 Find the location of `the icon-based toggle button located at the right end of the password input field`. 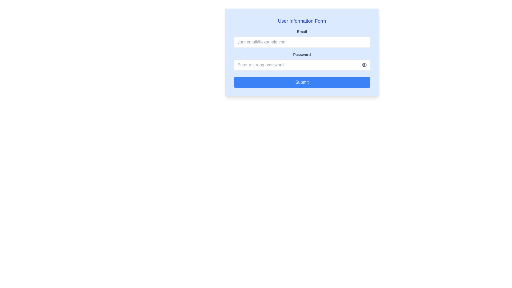

the icon-based toggle button located at the right end of the password input field is located at coordinates (364, 65).